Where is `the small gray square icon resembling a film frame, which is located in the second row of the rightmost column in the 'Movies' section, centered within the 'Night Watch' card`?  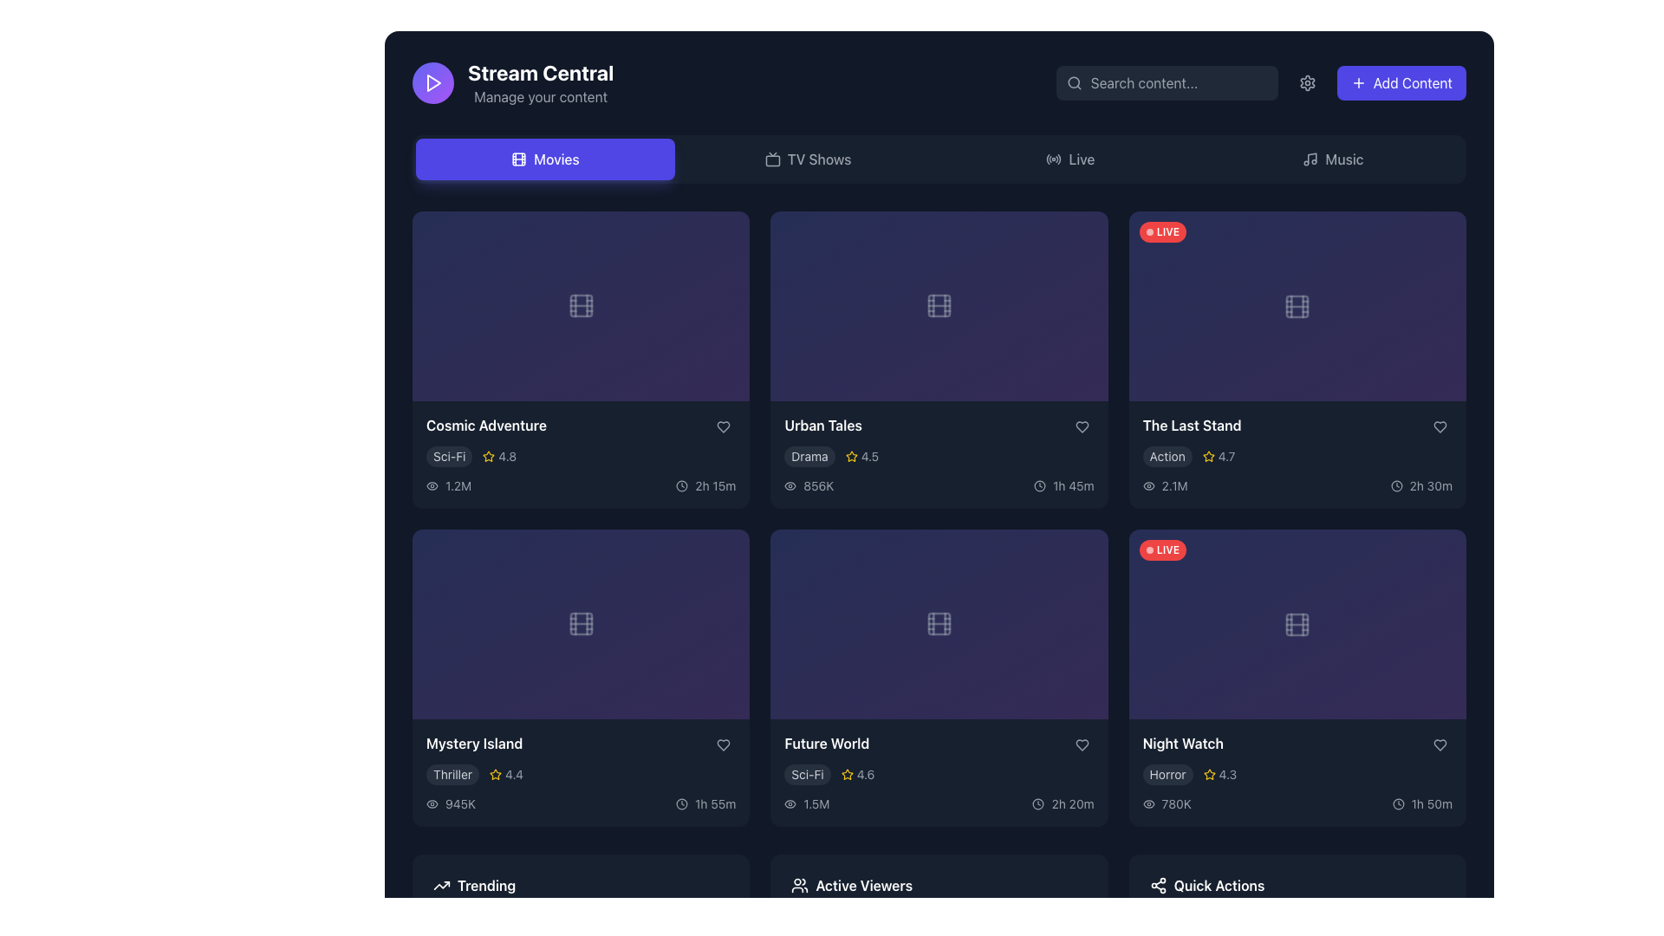
the small gray square icon resembling a film frame, which is located in the second row of the rightmost column in the 'Movies' section, centered within the 'Night Watch' card is located at coordinates (1297, 624).